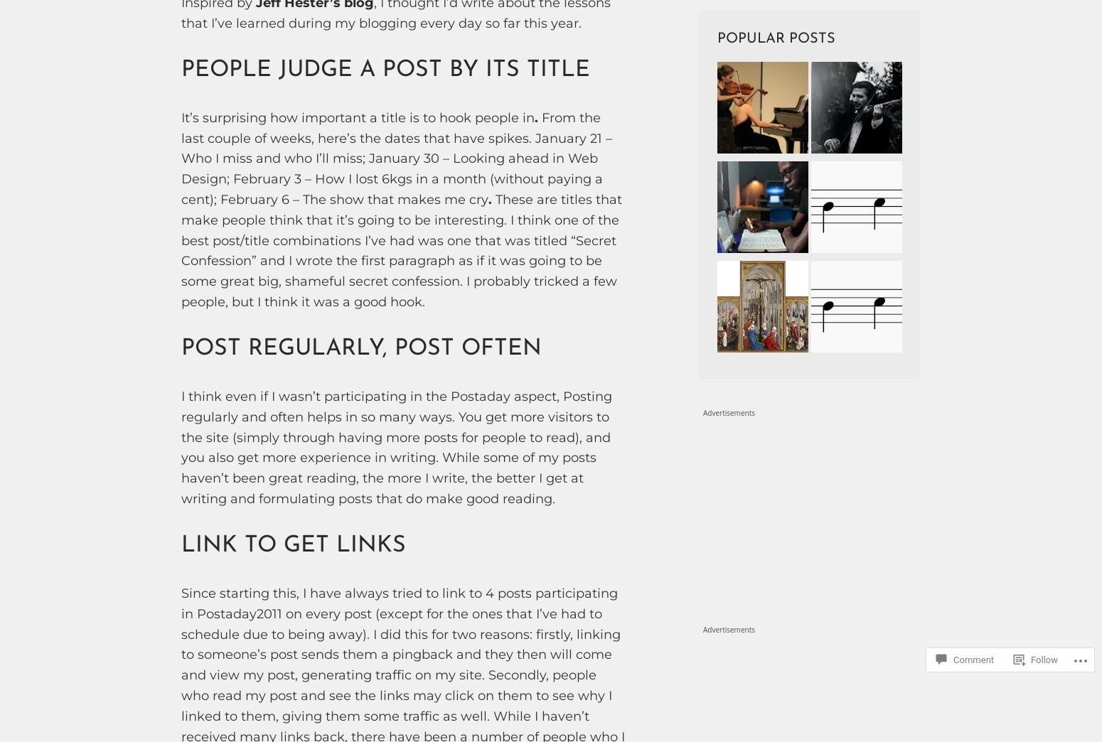 Image resolution: width=1102 pixels, height=742 pixels. Describe the element at coordinates (294, 547) in the screenshot. I see `'Link to get links'` at that location.